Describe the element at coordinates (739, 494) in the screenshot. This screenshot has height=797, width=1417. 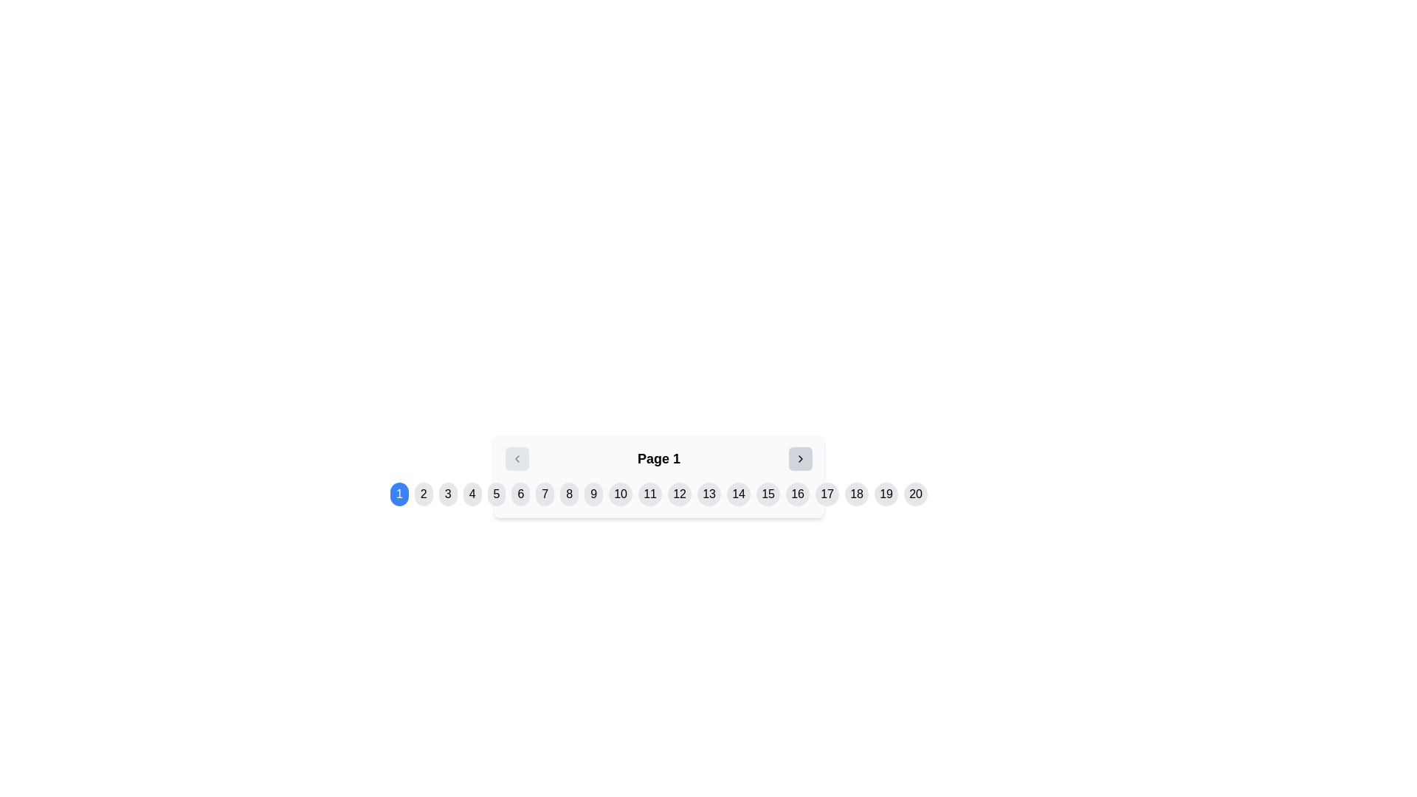
I see `the 14th button in the sequence of navigational buttons` at that location.